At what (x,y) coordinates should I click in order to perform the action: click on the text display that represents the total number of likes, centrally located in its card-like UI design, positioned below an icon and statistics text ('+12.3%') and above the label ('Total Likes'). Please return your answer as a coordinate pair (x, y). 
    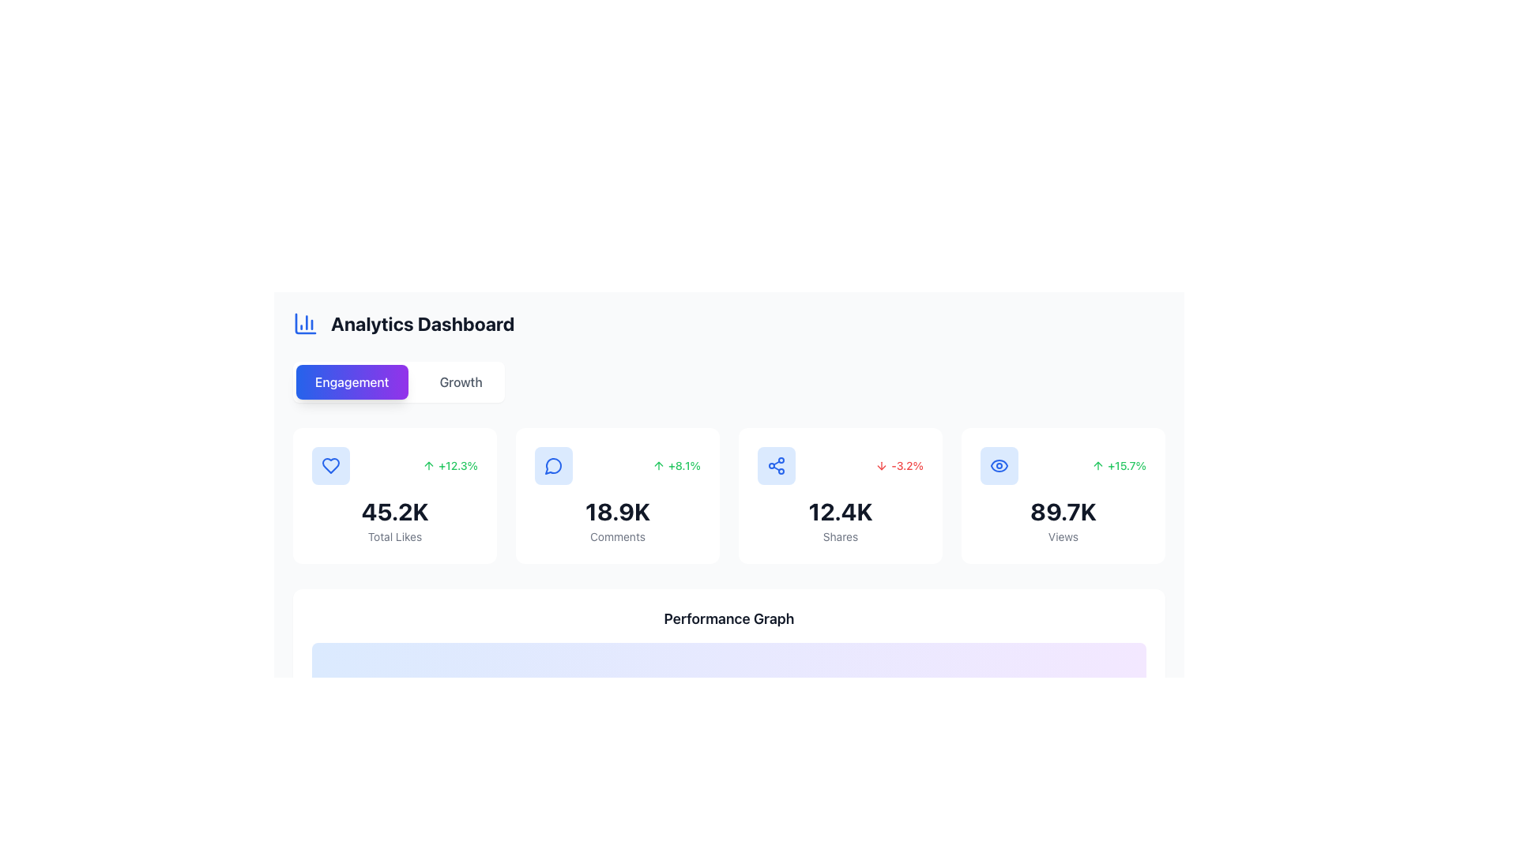
    Looking at the image, I should click on (394, 512).